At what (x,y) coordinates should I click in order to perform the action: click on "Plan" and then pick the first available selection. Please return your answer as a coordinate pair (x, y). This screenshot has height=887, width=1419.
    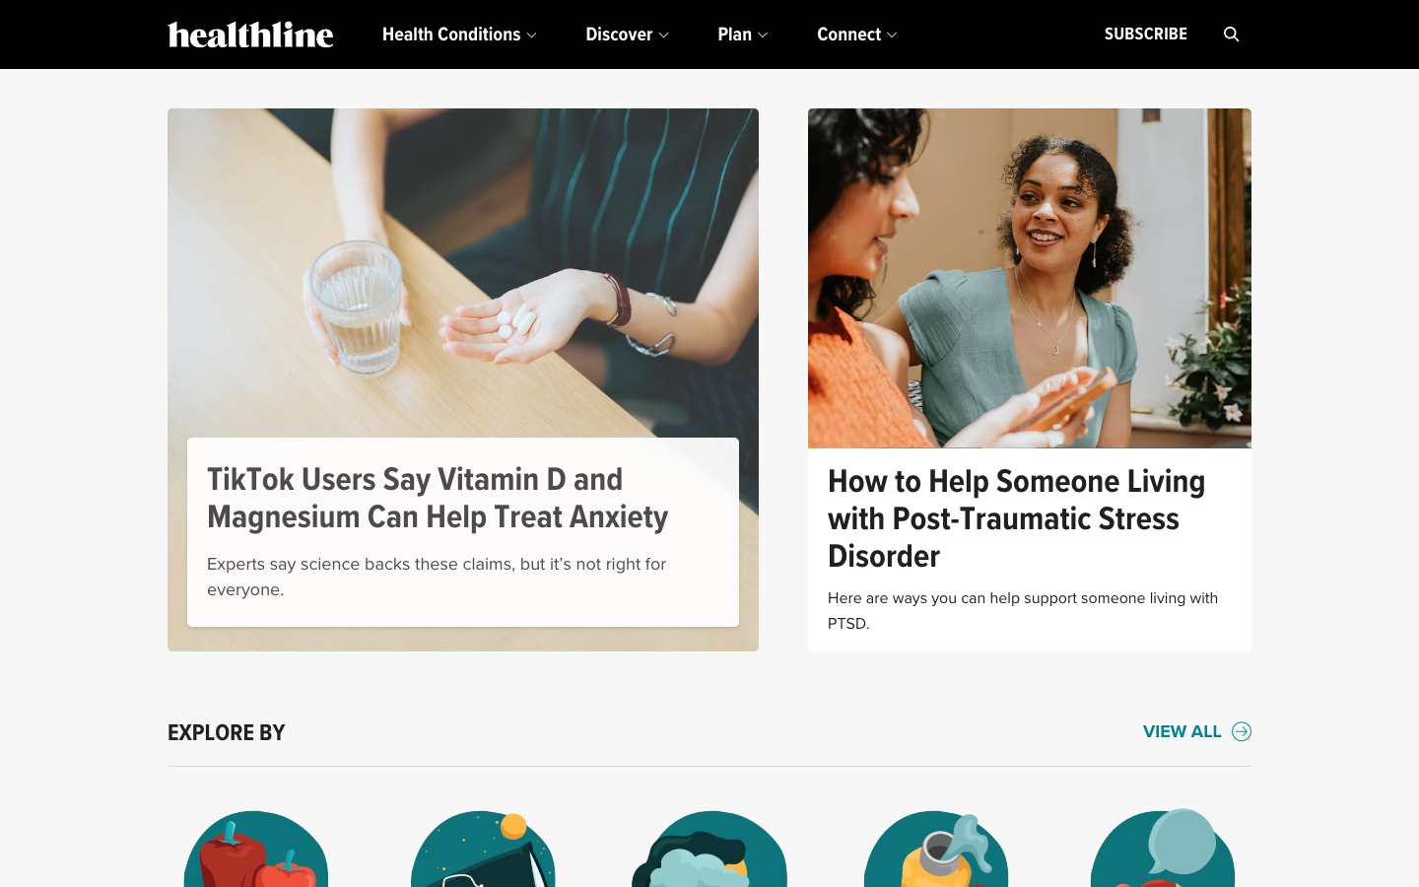
    Looking at the image, I should click on (741, 34).